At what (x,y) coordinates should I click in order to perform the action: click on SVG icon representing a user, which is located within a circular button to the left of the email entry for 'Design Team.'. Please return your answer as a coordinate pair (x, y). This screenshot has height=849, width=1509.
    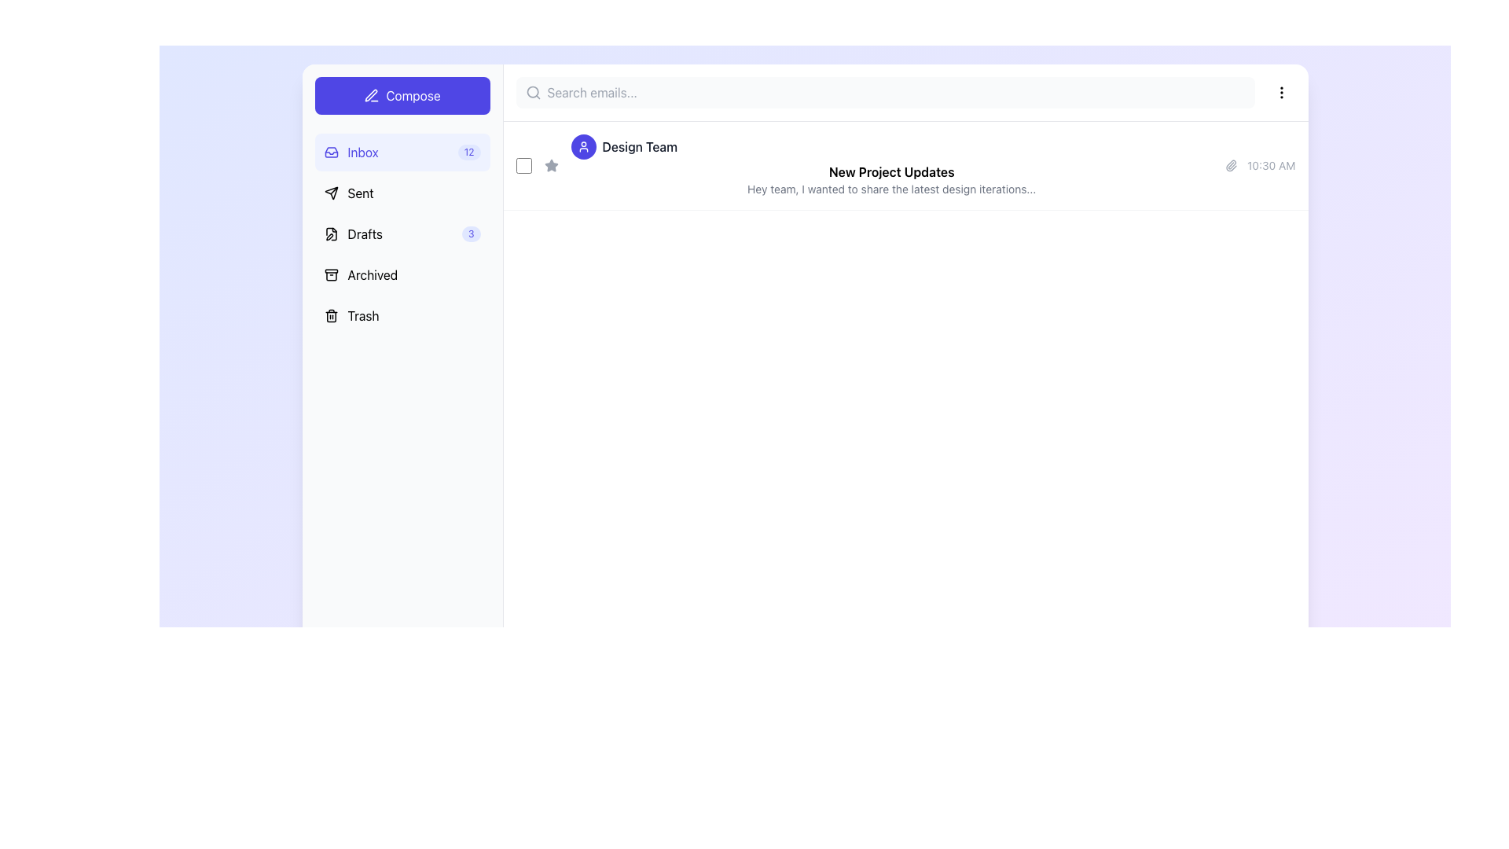
    Looking at the image, I should click on (582, 146).